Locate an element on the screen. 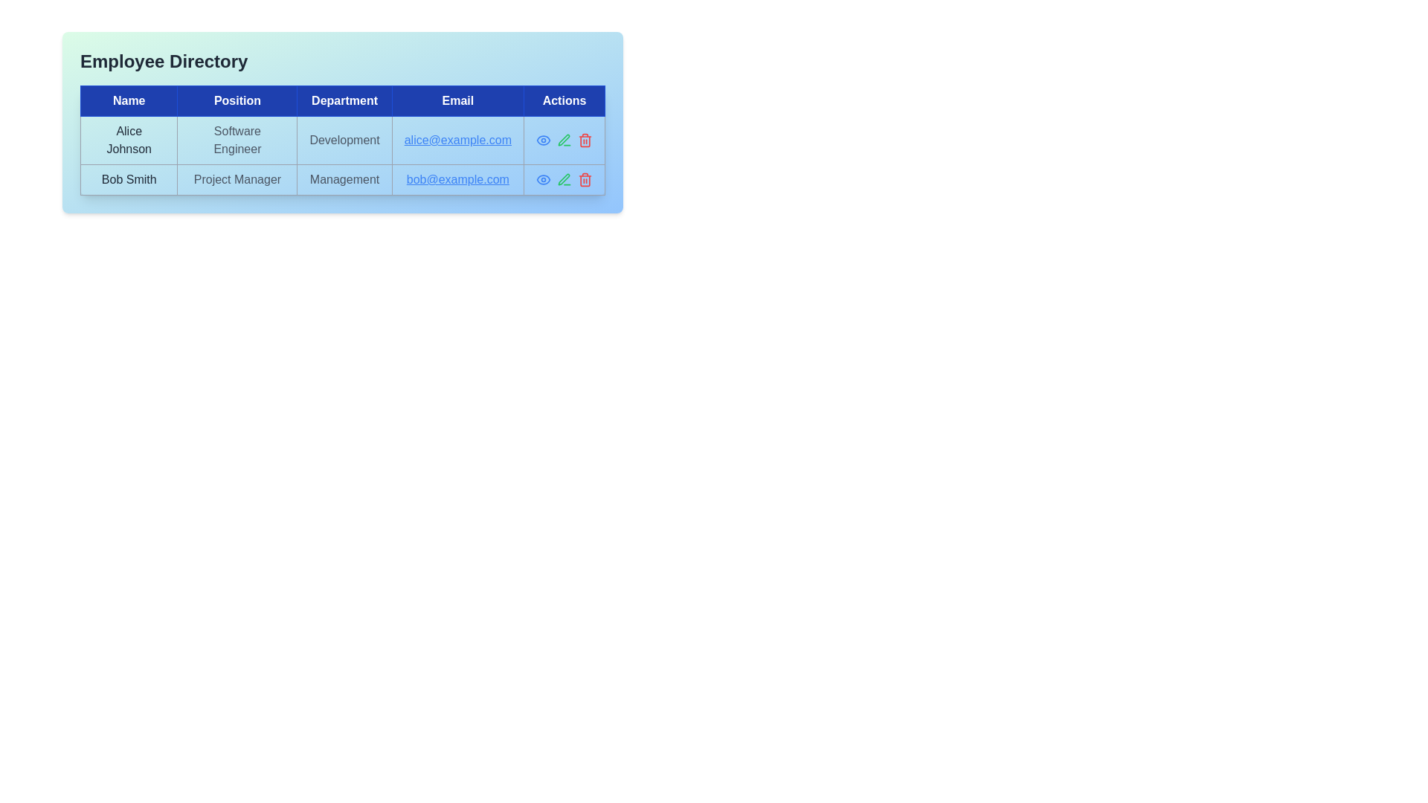 This screenshot has height=803, width=1428. the green pen icon in the second row of the 'Actions' column is located at coordinates (563, 140).